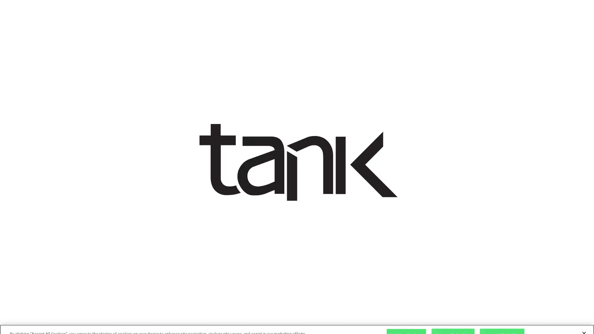  What do you see at coordinates (583, 323) in the screenshot?
I see `Close` at bounding box center [583, 323].